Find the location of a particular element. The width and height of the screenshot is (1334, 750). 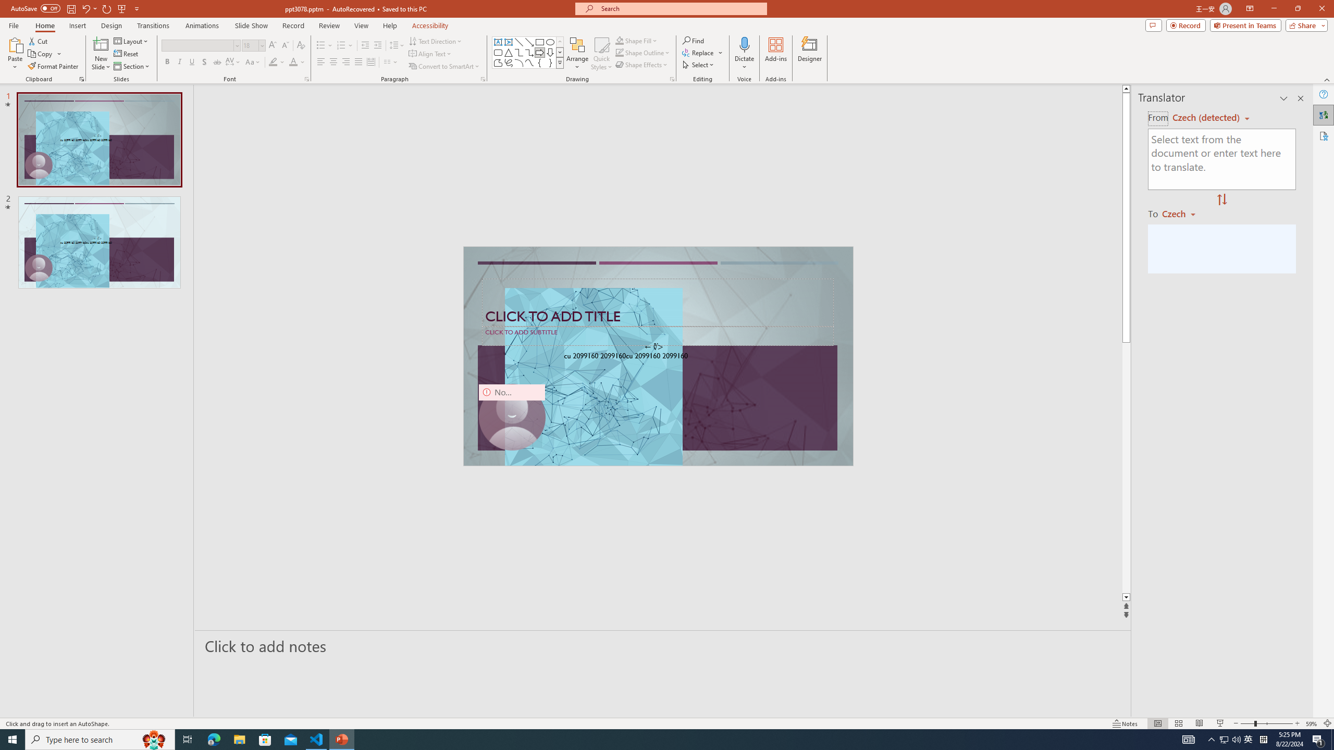

'An abstract genetic concept' is located at coordinates (658, 356).